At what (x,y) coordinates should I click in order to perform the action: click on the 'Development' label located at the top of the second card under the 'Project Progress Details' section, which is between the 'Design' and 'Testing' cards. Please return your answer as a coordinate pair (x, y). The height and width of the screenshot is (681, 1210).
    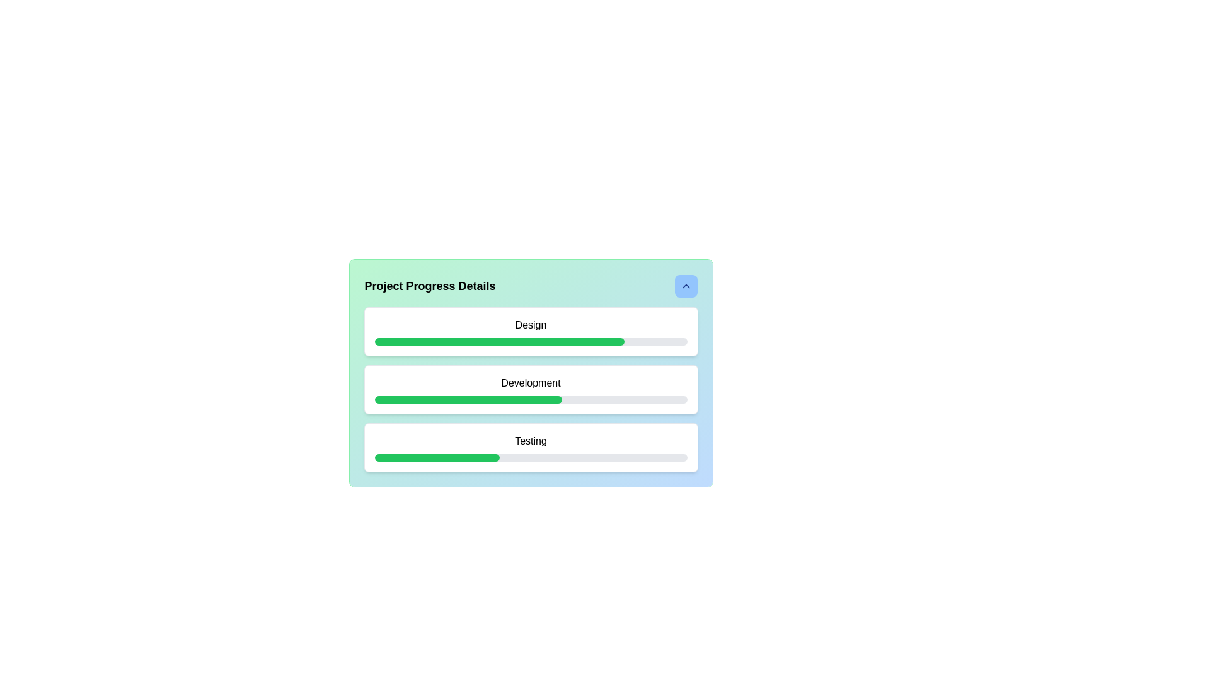
    Looking at the image, I should click on (531, 383).